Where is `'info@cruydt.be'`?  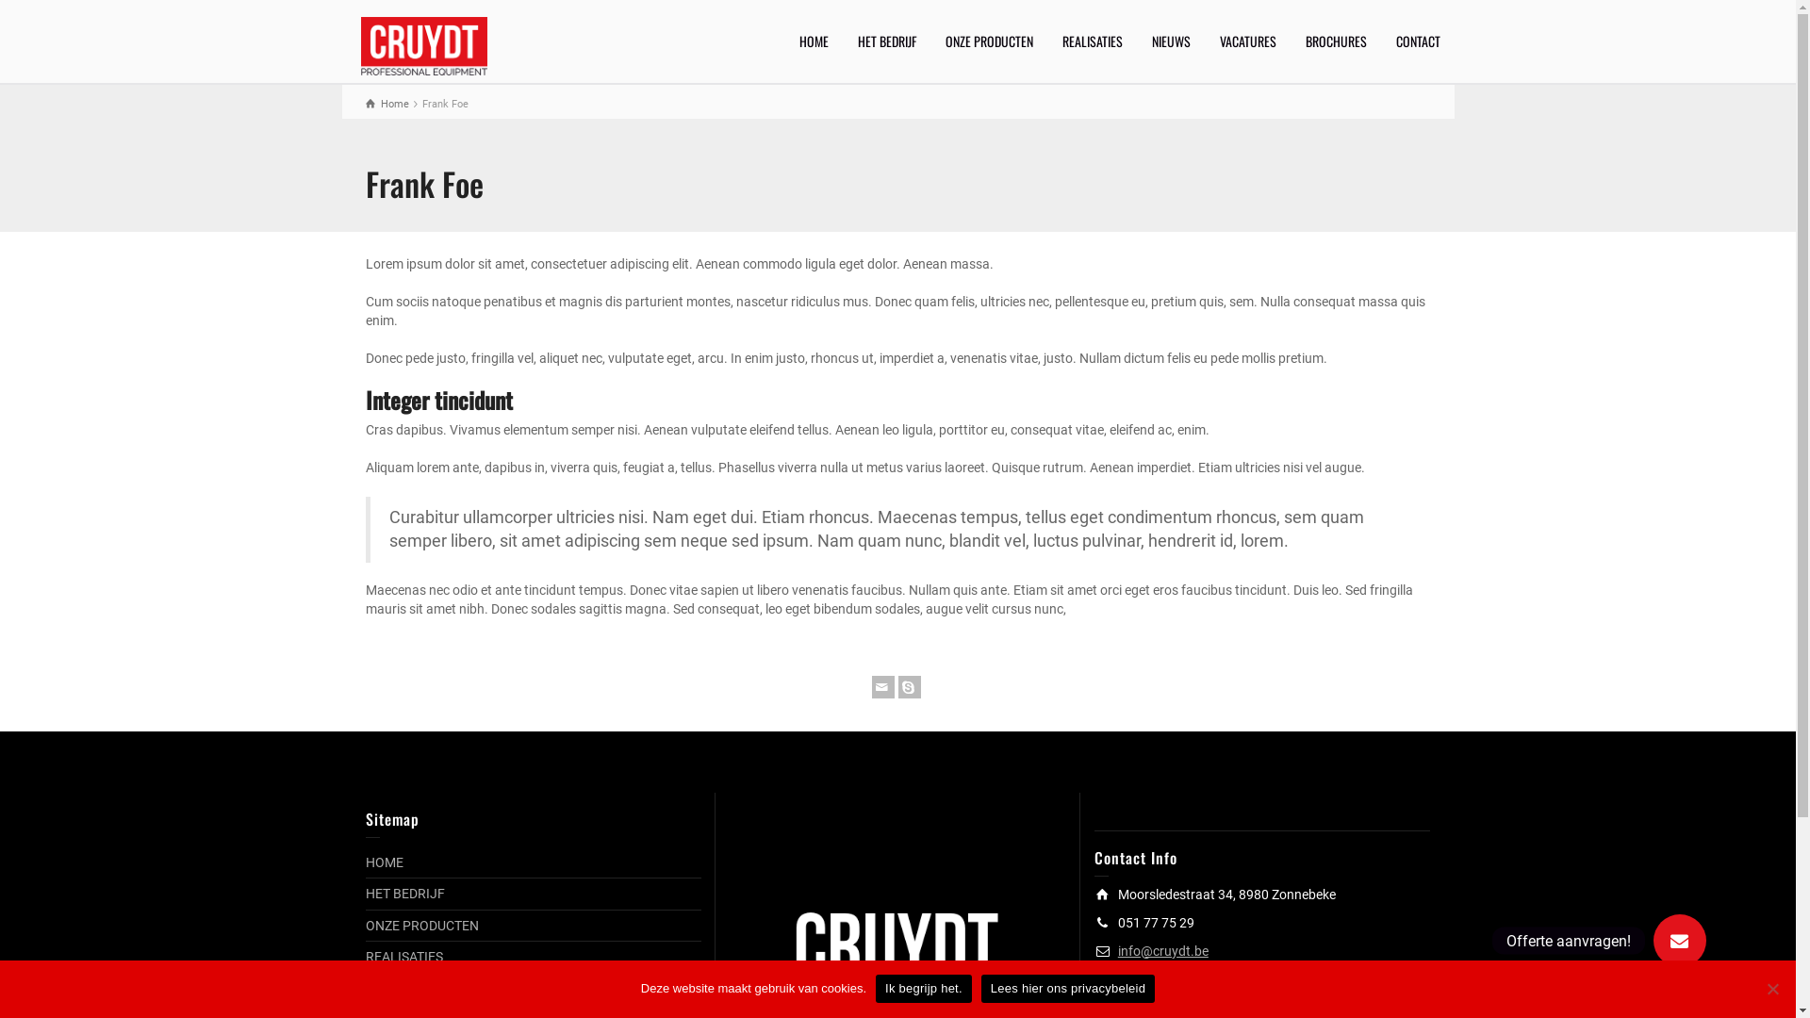 'info@cruydt.be' is located at coordinates (1161, 951).